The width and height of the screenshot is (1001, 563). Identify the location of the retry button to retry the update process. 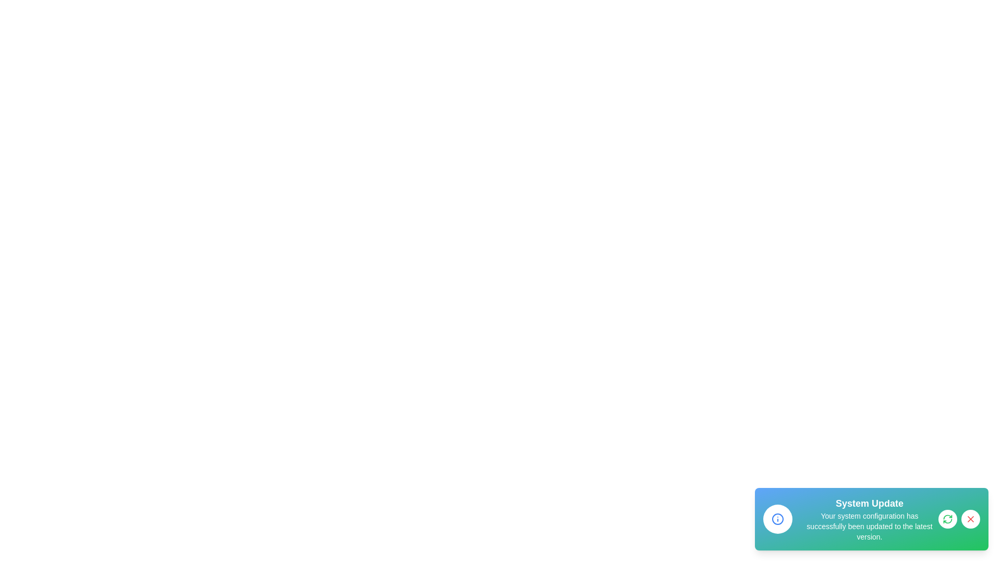
(948, 519).